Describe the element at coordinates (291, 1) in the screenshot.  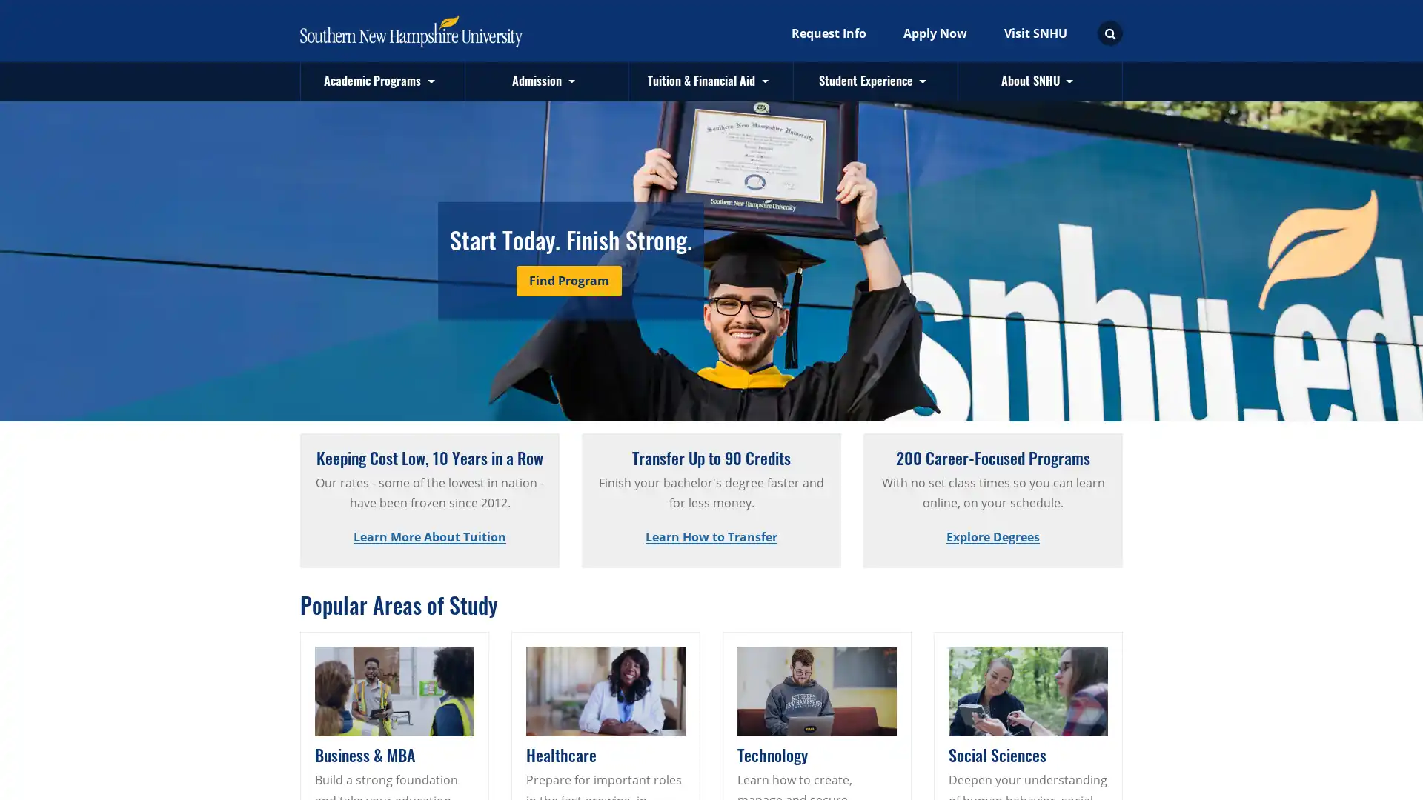
I see `Skip to main content` at that location.